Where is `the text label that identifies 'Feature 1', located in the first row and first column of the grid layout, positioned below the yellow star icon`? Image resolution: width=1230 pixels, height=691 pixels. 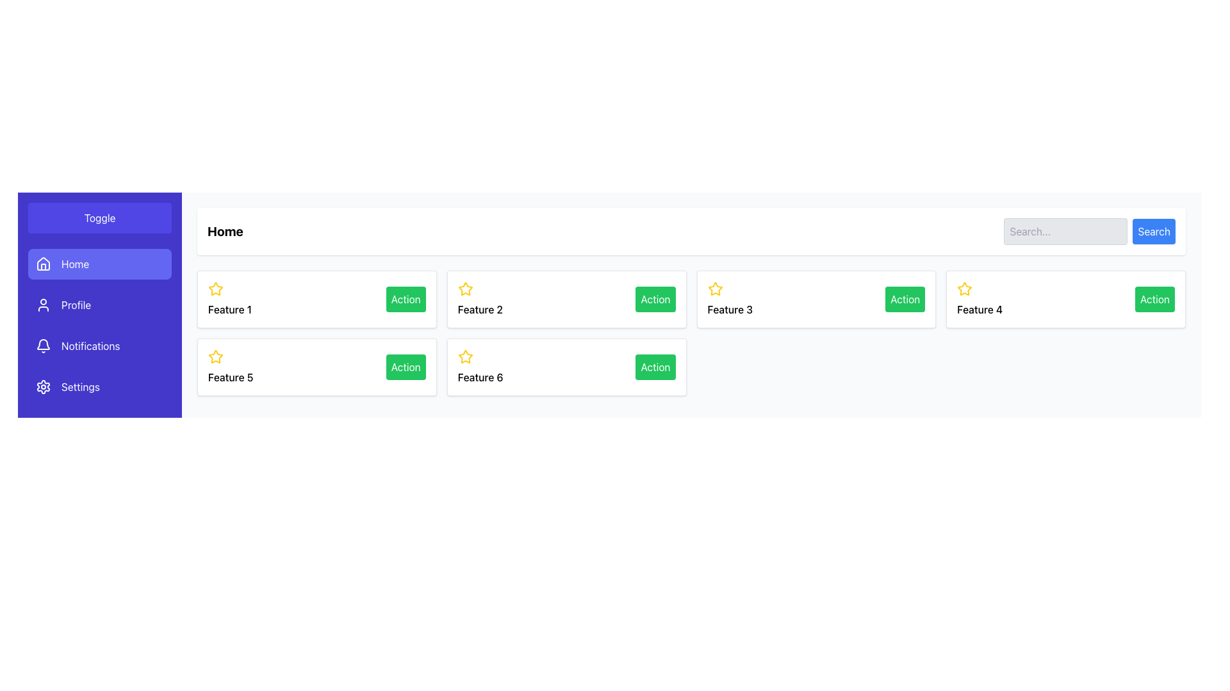 the text label that identifies 'Feature 1', located in the first row and first column of the grid layout, positioned below the yellow star icon is located at coordinates (230, 309).